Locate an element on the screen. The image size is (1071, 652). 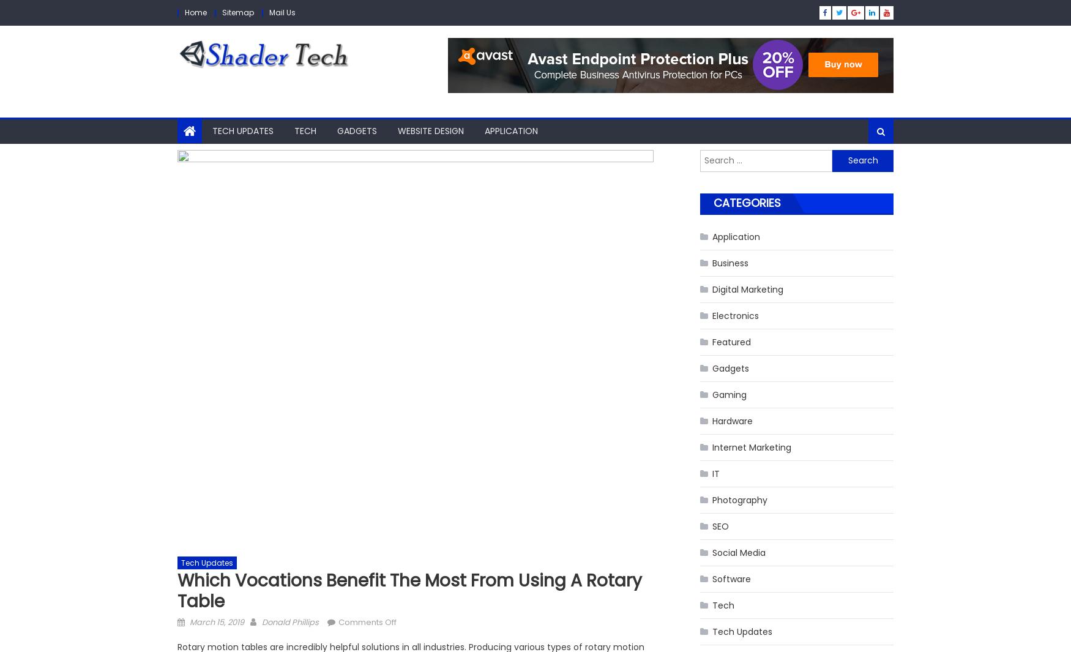
'IT' is located at coordinates (711, 473).